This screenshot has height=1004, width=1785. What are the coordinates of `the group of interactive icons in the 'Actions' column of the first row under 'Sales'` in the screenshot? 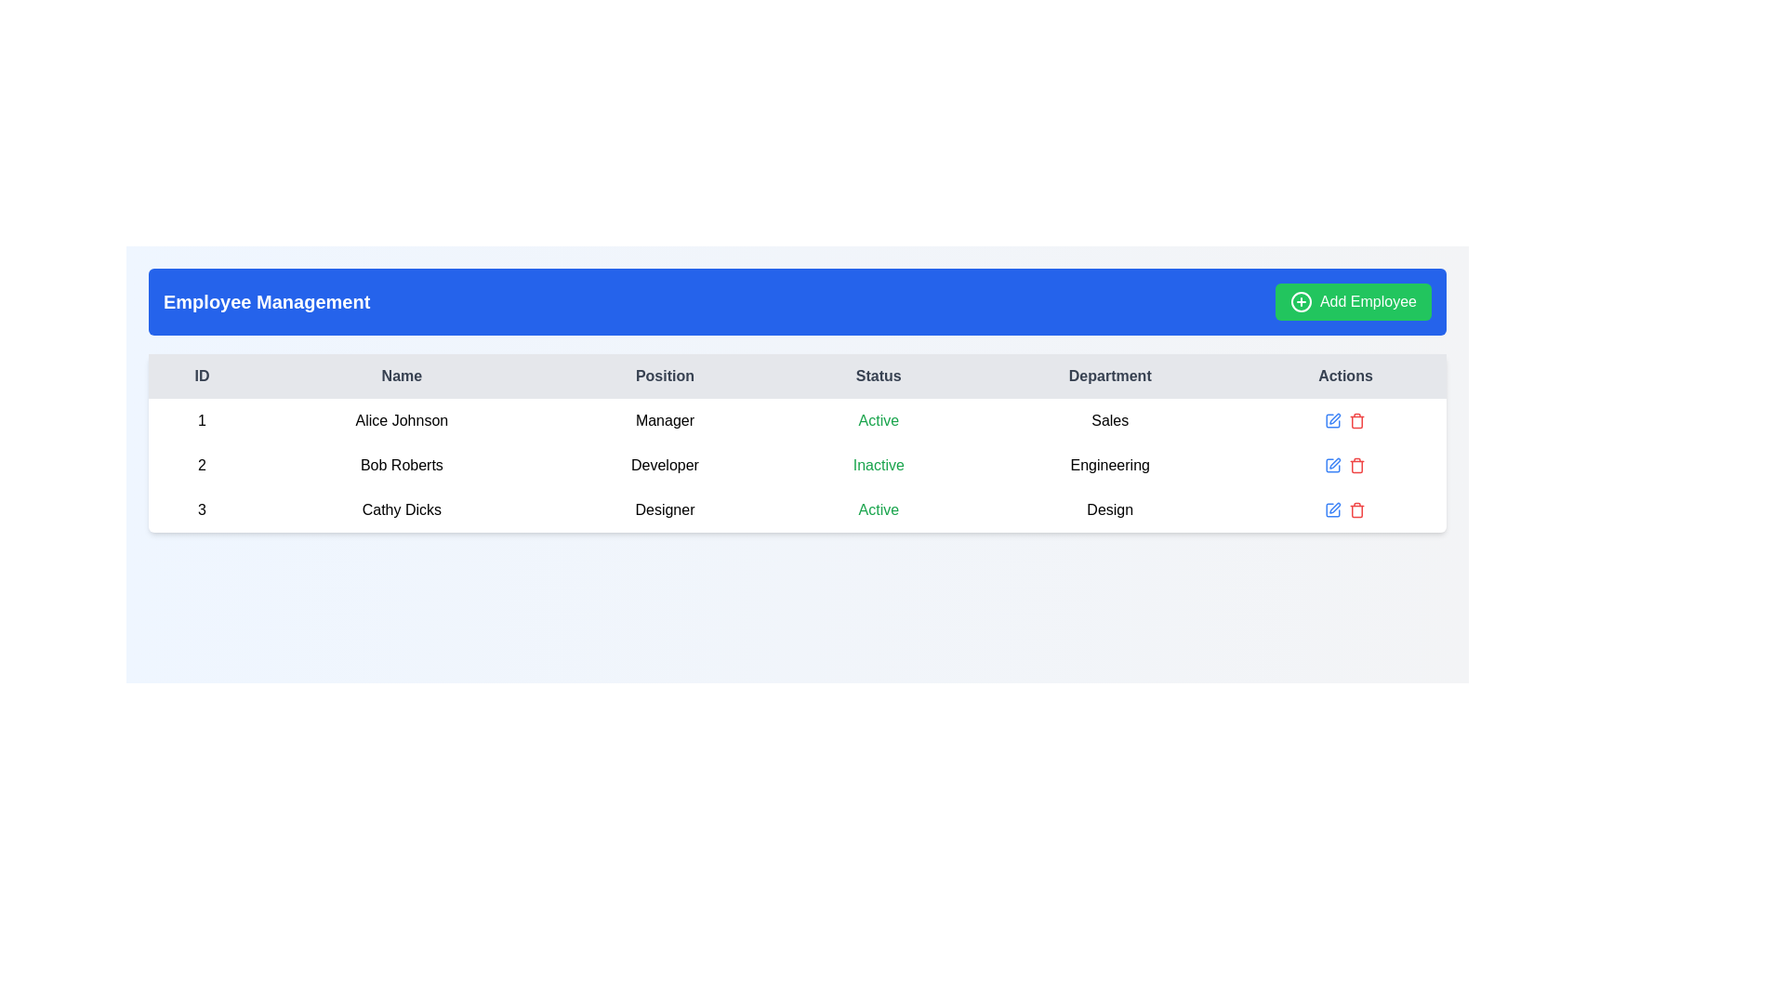 It's located at (1345, 420).